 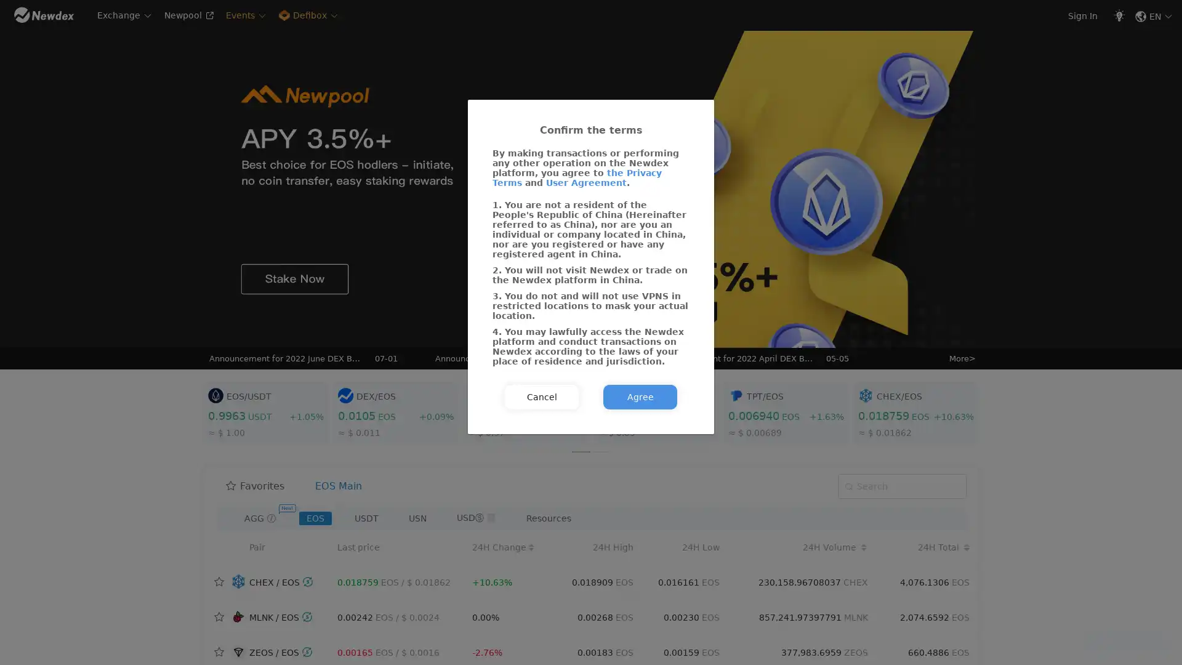 What do you see at coordinates (1153, 16) in the screenshot?
I see `EN` at bounding box center [1153, 16].